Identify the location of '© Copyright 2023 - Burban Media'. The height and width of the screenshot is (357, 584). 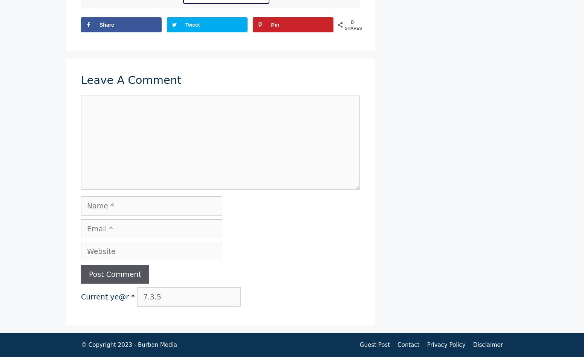
(128, 344).